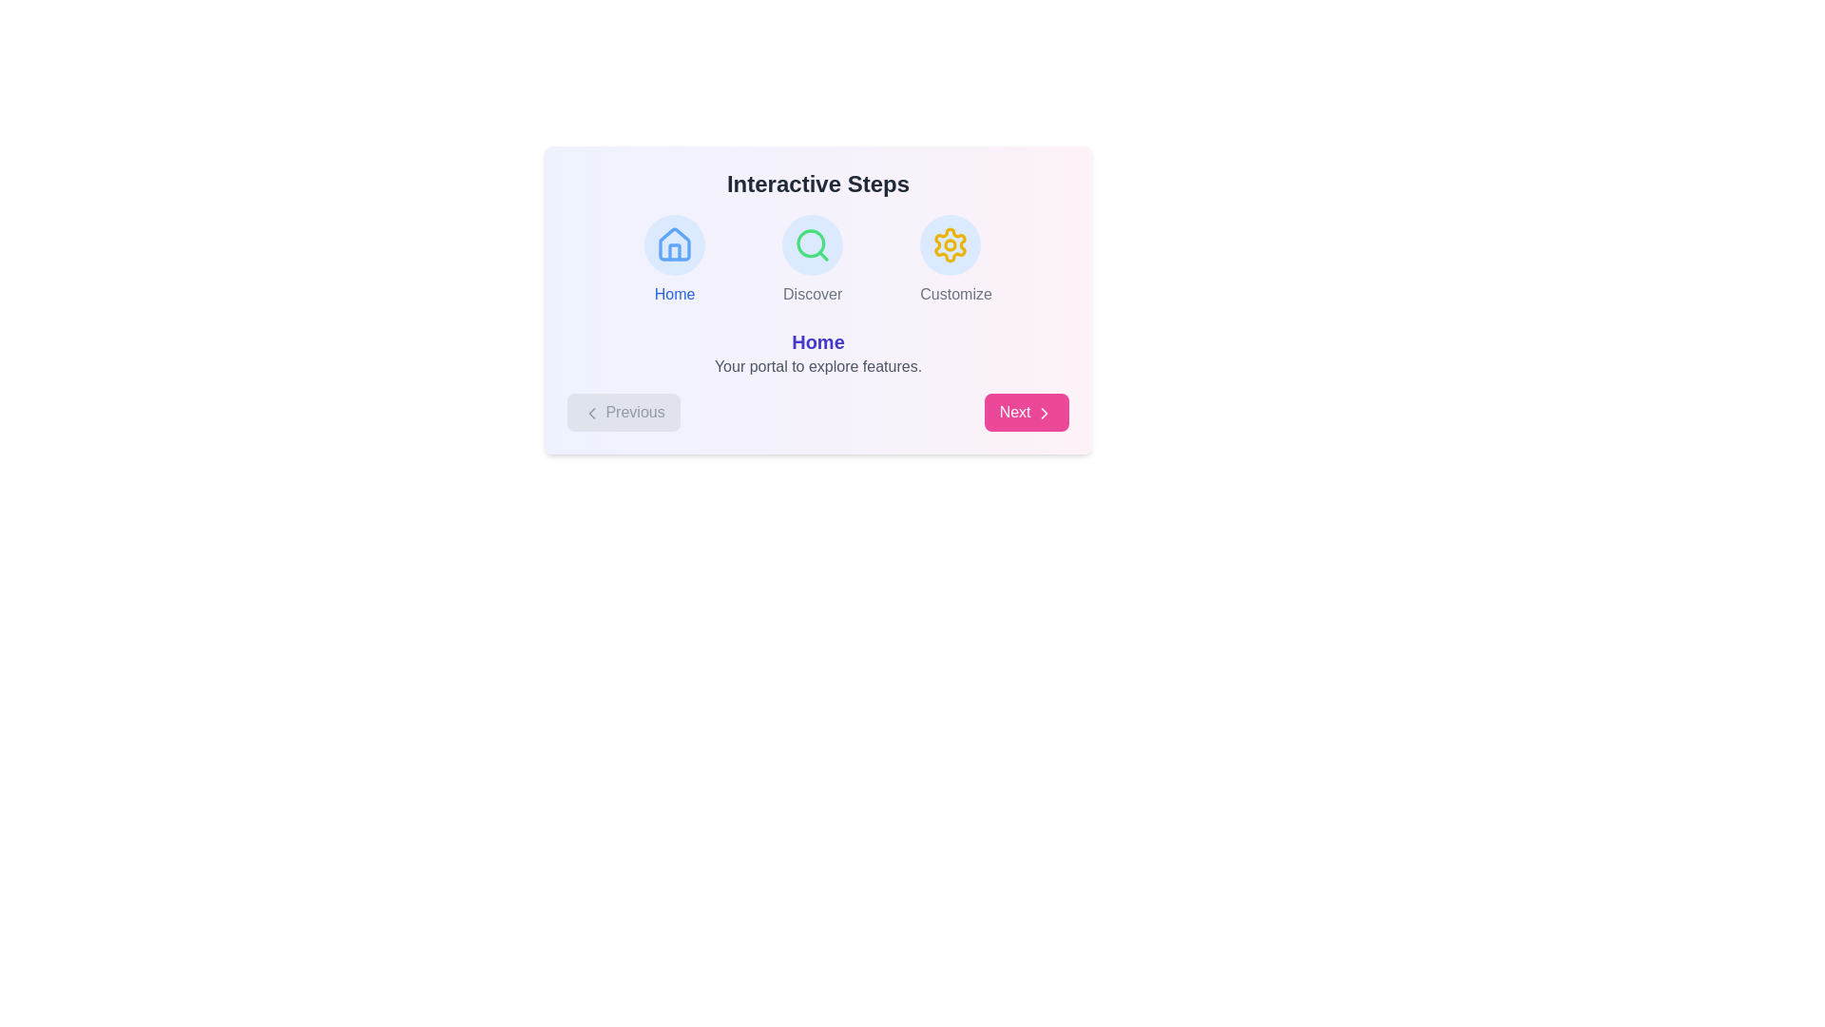 Image resolution: width=1825 pixels, height=1027 pixels. What do you see at coordinates (1044, 412) in the screenshot?
I see `the chevron right icon, which is a small arrow icon styled as a lightweight outlined SVG graphic located at the right-hand side of the pink 'Next' button` at bounding box center [1044, 412].